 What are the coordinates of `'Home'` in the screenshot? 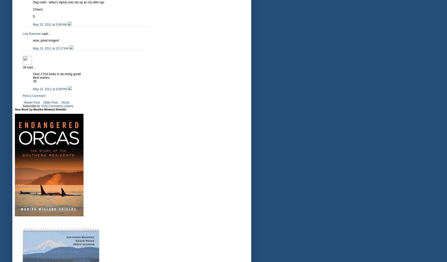 It's located at (65, 102).